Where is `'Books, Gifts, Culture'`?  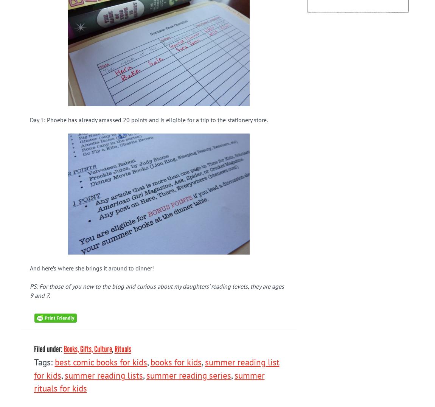
'Books, Gifts, Culture' is located at coordinates (87, 348).